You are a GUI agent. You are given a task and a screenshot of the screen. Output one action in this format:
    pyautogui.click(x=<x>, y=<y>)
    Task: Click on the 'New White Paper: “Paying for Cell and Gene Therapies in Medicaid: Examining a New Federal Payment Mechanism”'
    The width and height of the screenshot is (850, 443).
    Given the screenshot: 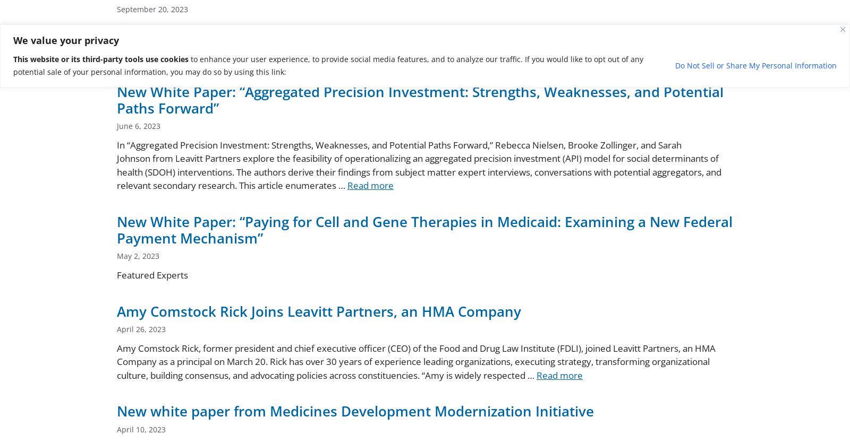 What is the action you would take?
    pyautogui.click(x=424, y=229)
    